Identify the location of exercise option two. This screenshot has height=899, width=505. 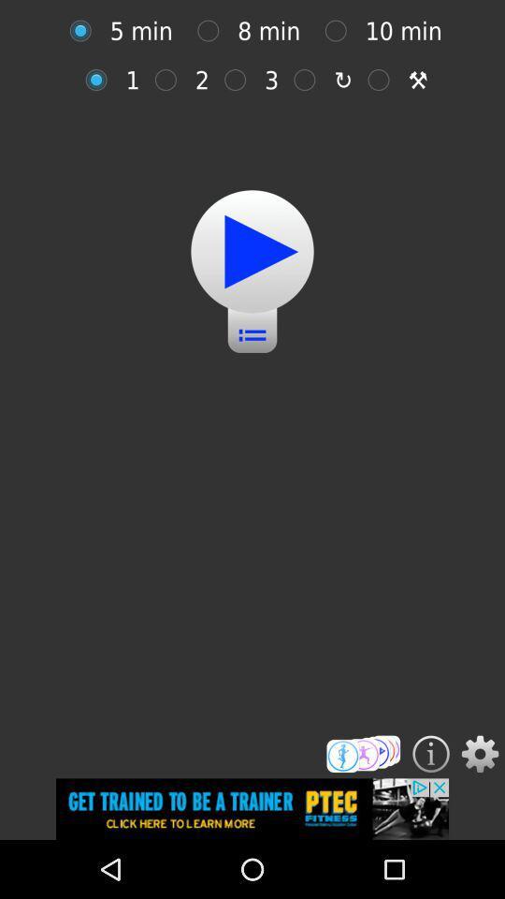
(170, 80).